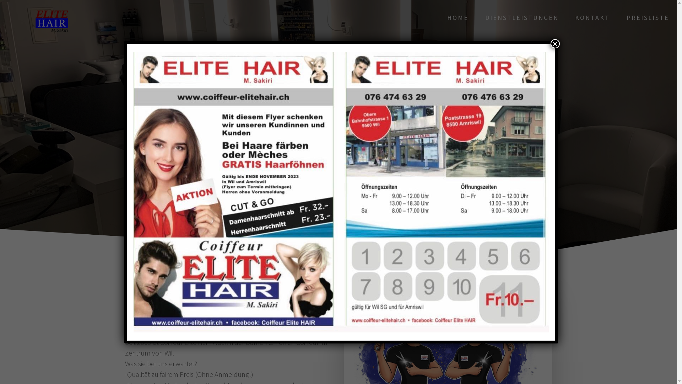 The width and height of the screenshot is (682, 384). I want to click on 'PREISLISTE', so click(648, 17).